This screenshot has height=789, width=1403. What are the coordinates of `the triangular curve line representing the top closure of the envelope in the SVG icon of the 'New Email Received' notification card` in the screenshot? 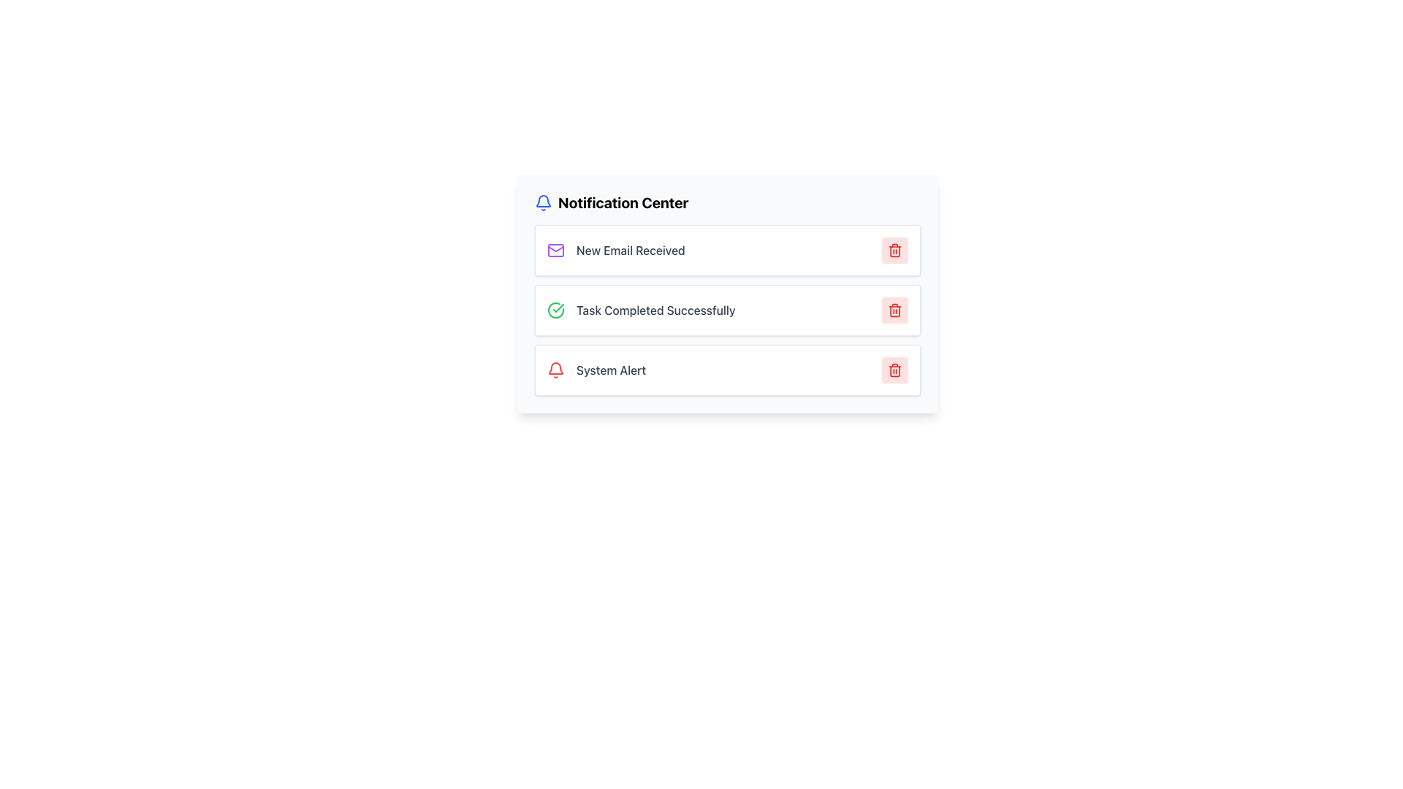 It's located at (555, 247).